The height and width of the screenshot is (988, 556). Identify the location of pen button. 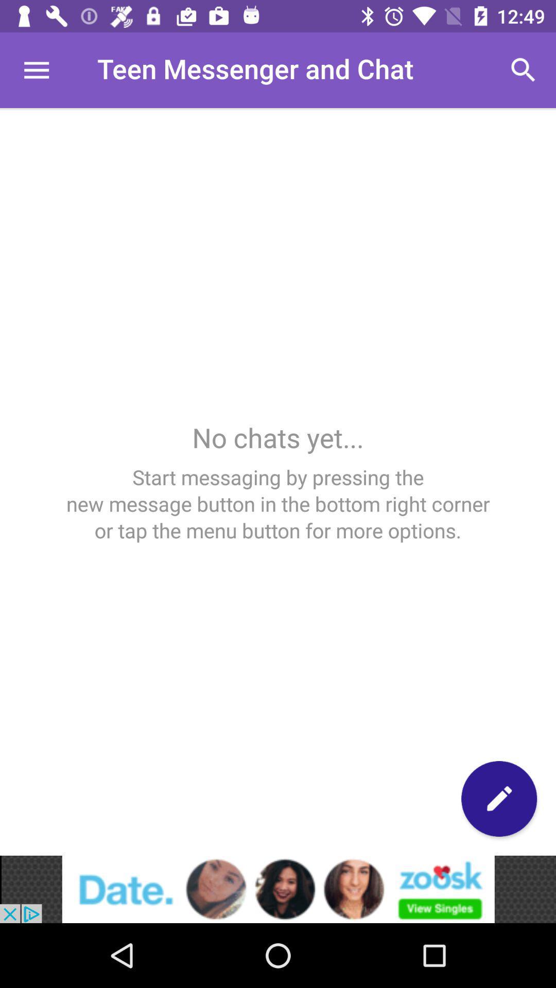
(498, 798).